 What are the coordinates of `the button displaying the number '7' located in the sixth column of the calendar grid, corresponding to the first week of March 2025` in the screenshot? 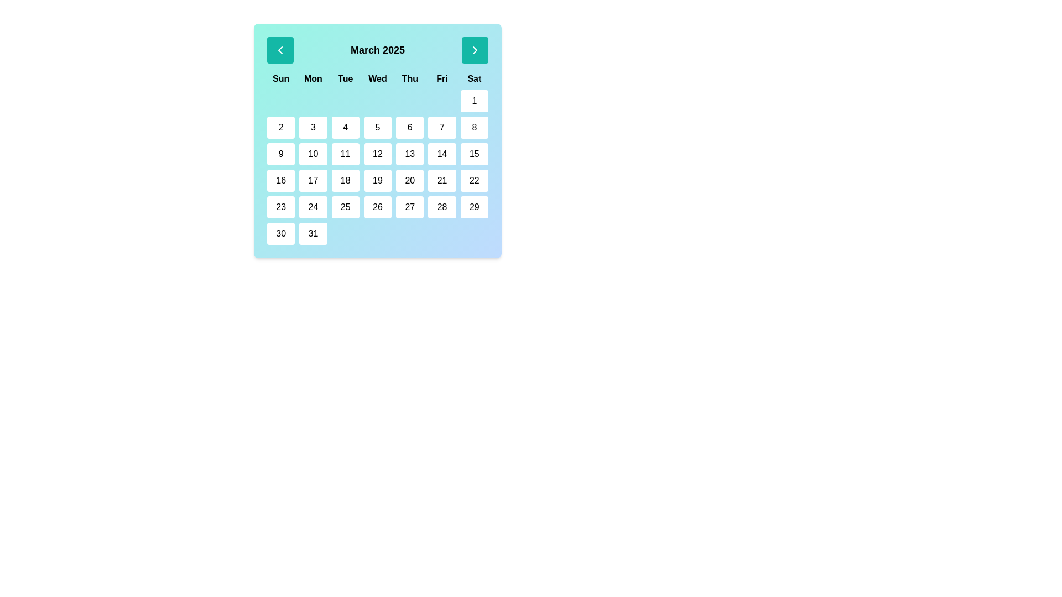 It's located at (441, 127).